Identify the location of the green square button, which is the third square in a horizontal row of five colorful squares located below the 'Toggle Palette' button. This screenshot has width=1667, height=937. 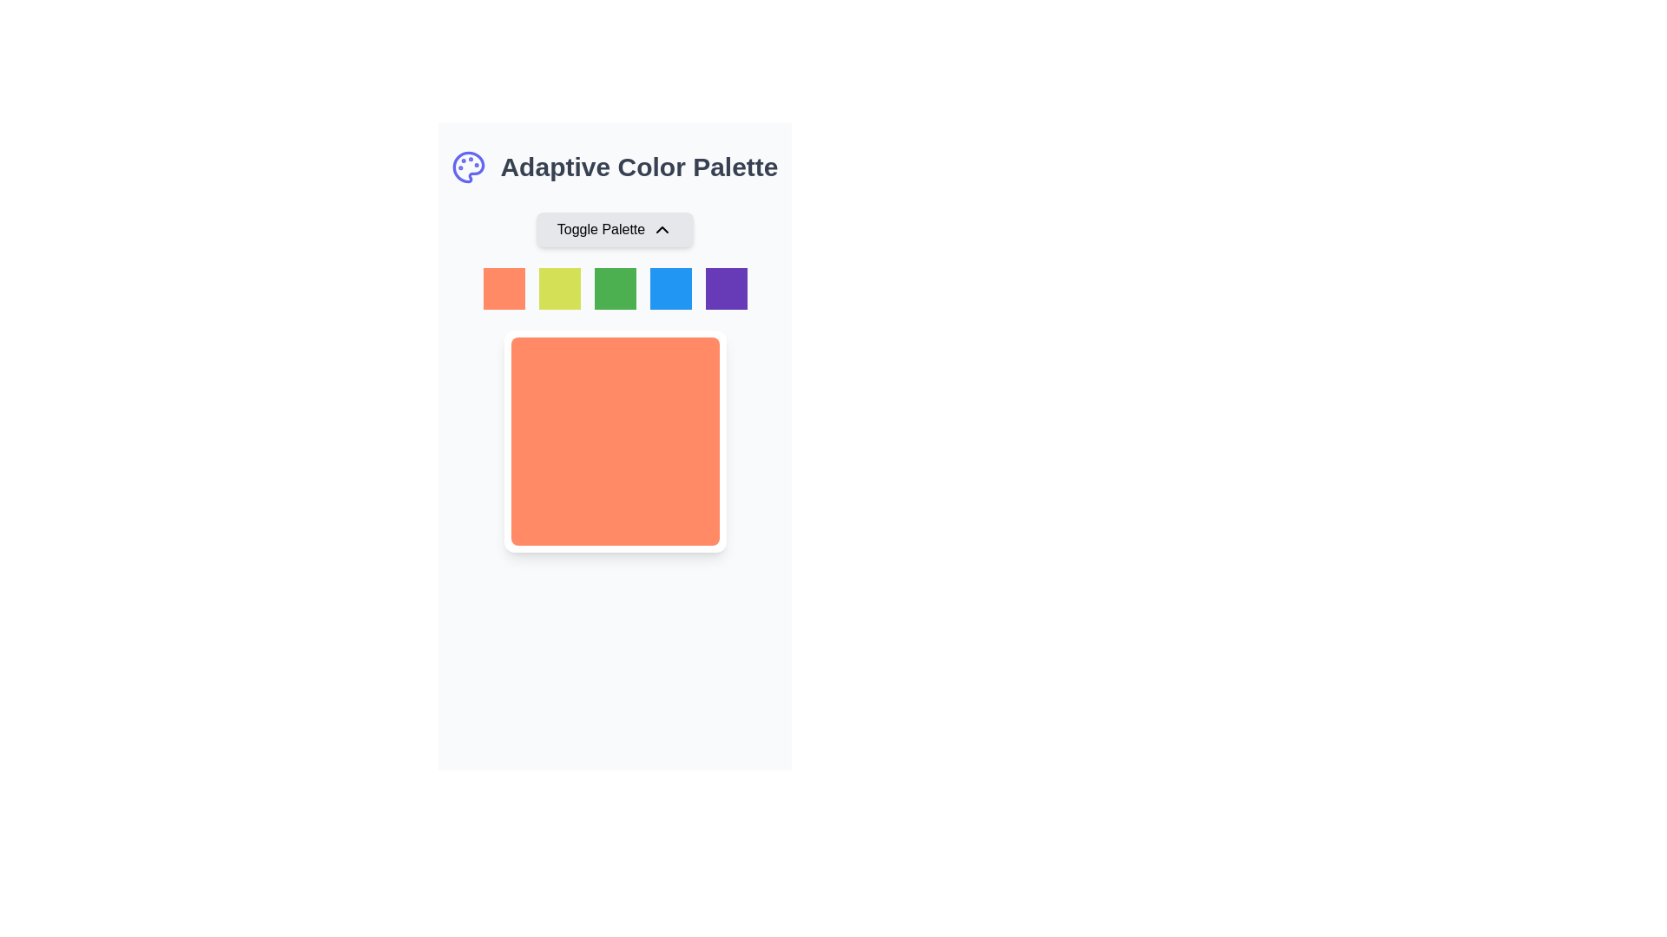
(615, 287).